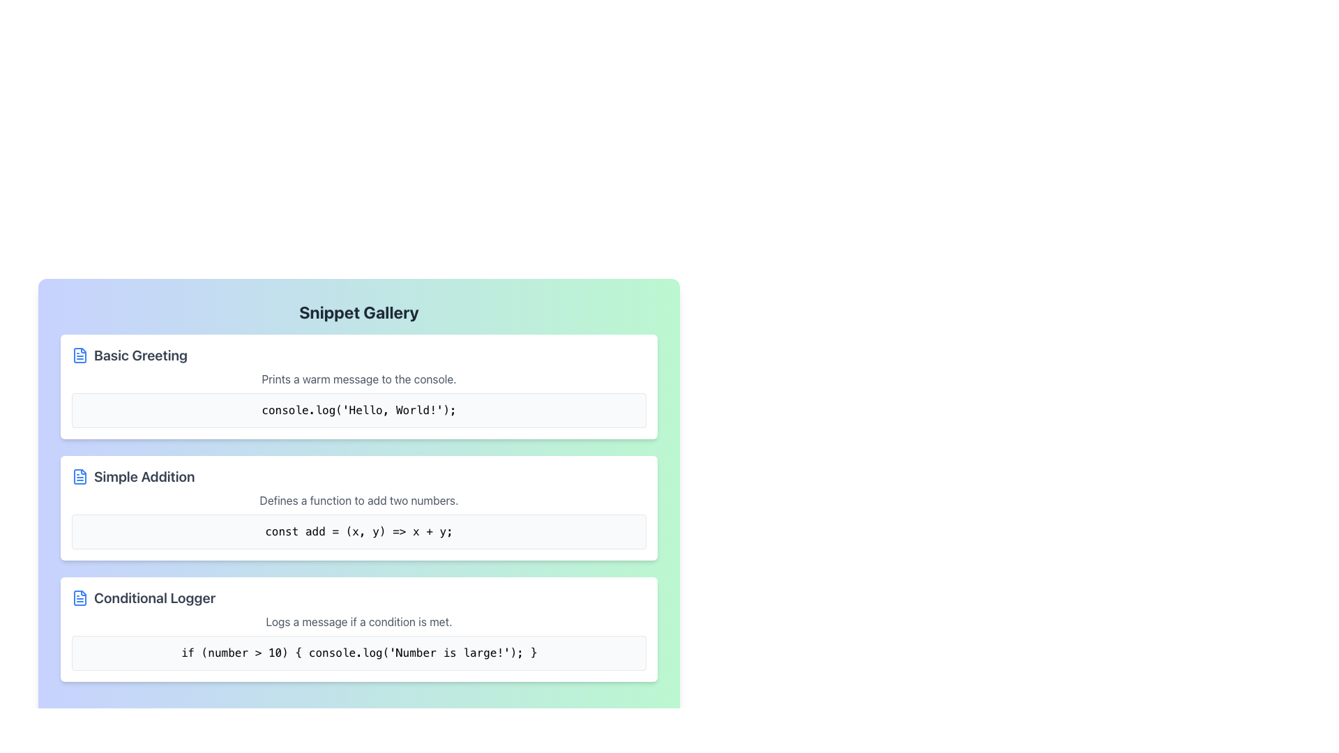 This screenshot has height=753, width=1339. Describe the element at coordinates (144, 476) in the screenshot. I see `the text label reading 'Simple Addition', which is the second item in a vertically stacked list and is positioned to the right of a blue document icon` at that location.